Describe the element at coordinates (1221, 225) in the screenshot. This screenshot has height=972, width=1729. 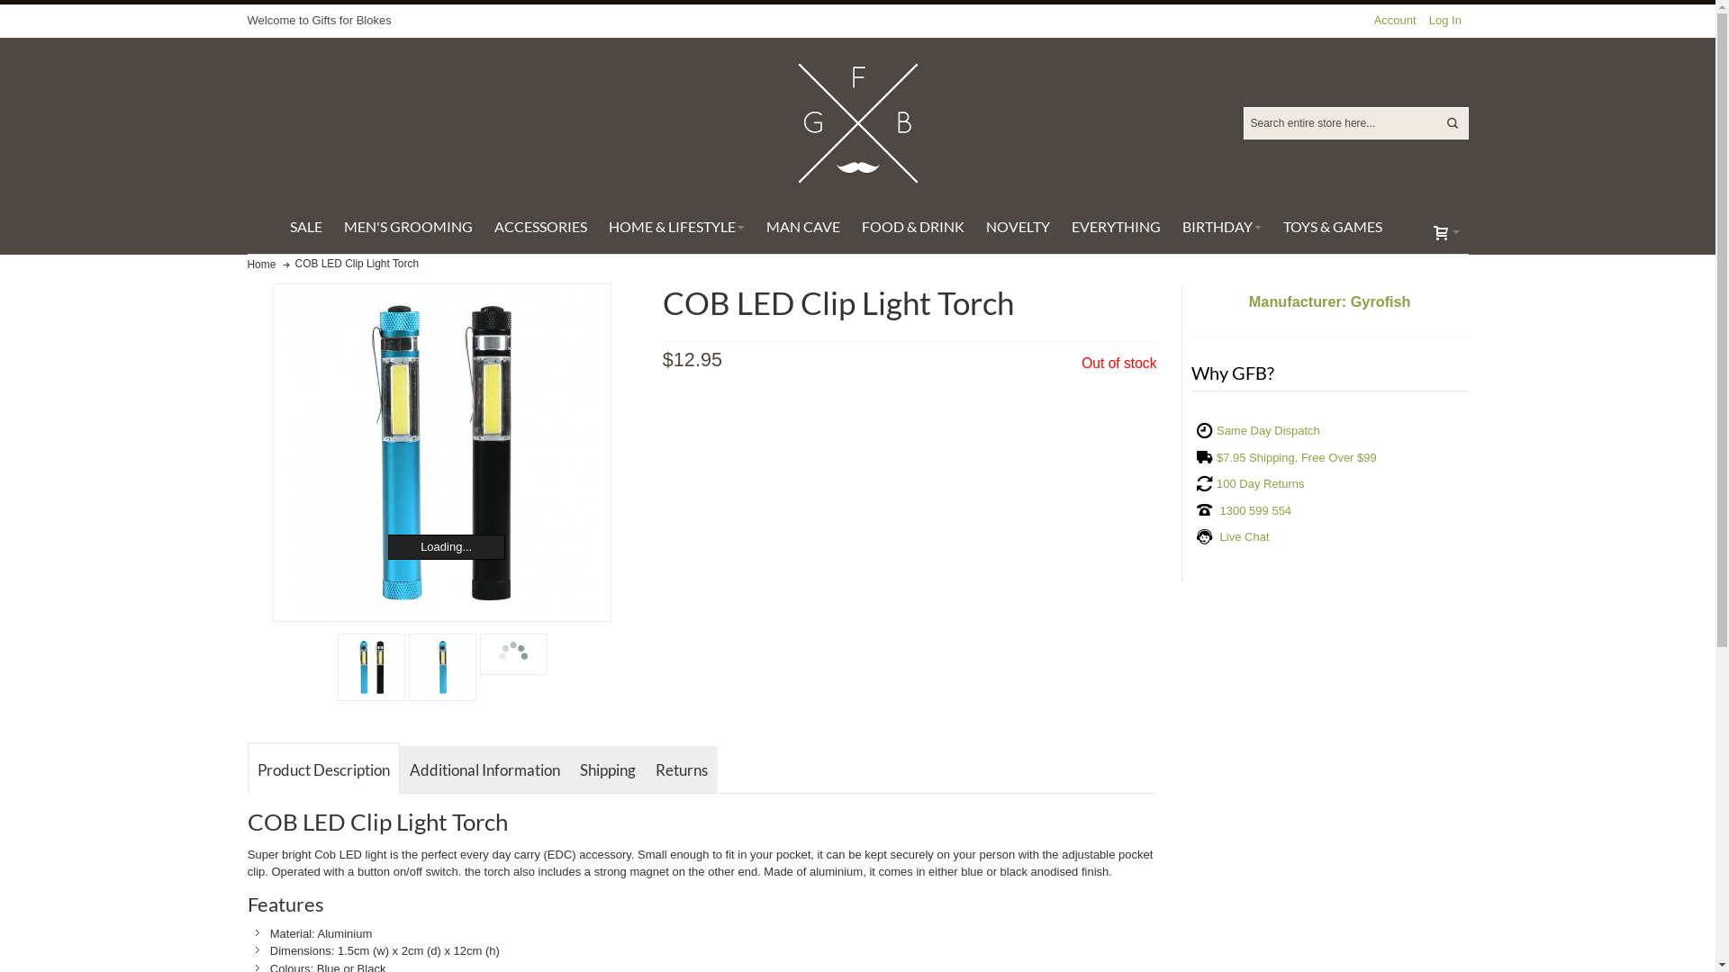
I see `'BIRTHDAY '` at that location.